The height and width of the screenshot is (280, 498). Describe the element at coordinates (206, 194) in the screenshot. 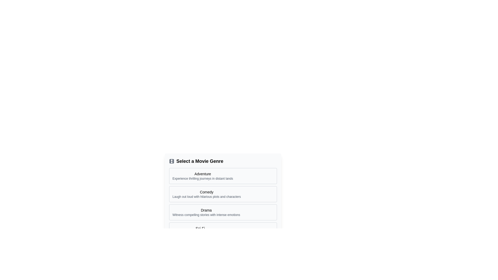

I see `the 'Comedy' genre selection button to possibly reveal additional details about the genre` at that location.